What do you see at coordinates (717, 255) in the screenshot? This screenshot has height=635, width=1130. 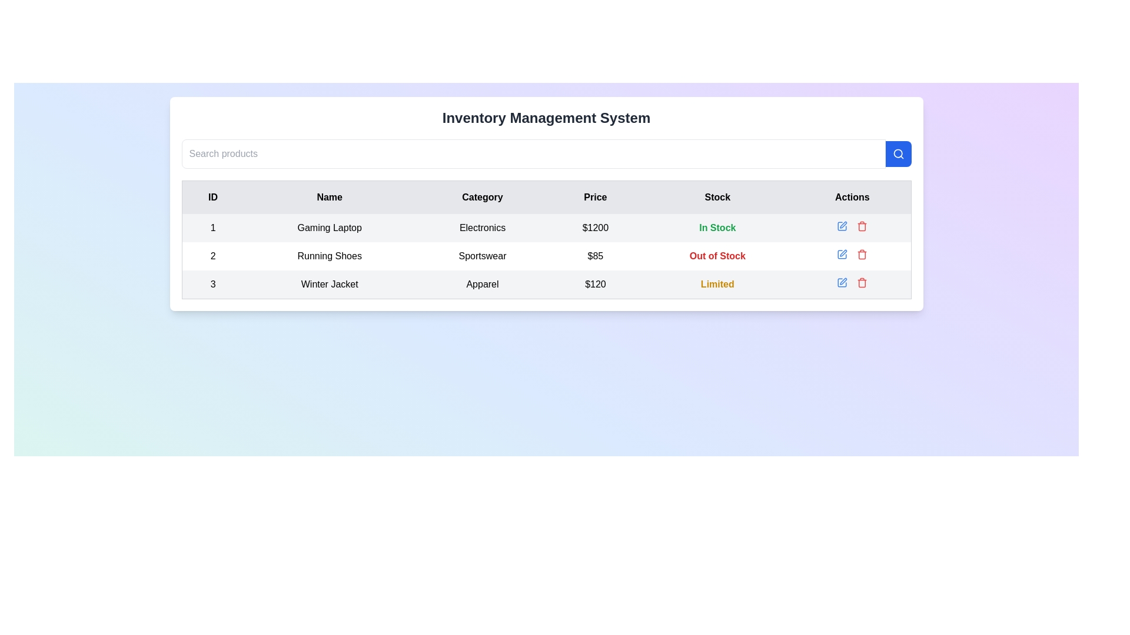 I see `text indicating the stock status of the product 'Running Shoes' in the second row of the 'Stock' column, which shows that the product is currently unavailable` at bounding box center [717, 255].